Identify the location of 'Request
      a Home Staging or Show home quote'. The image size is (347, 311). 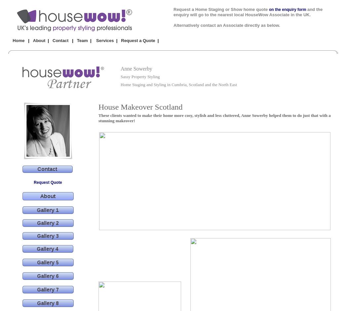
(173, 9).